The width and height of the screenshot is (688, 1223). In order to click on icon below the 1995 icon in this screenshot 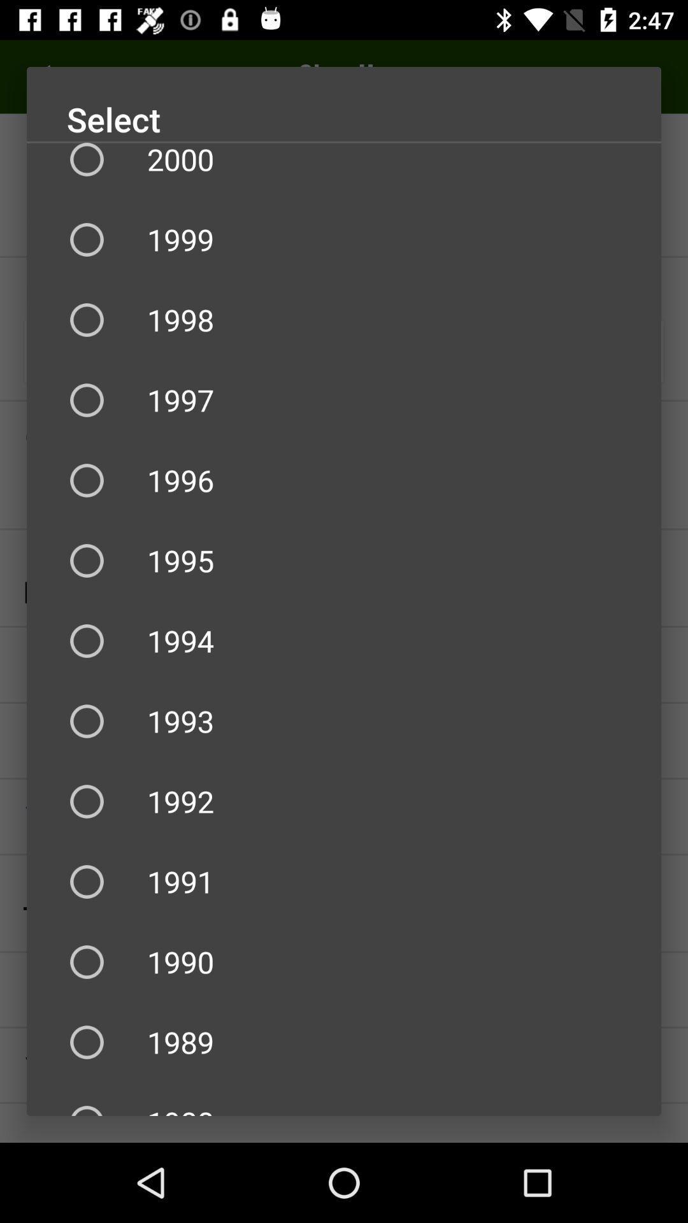, I will do `click(344, 641)`.